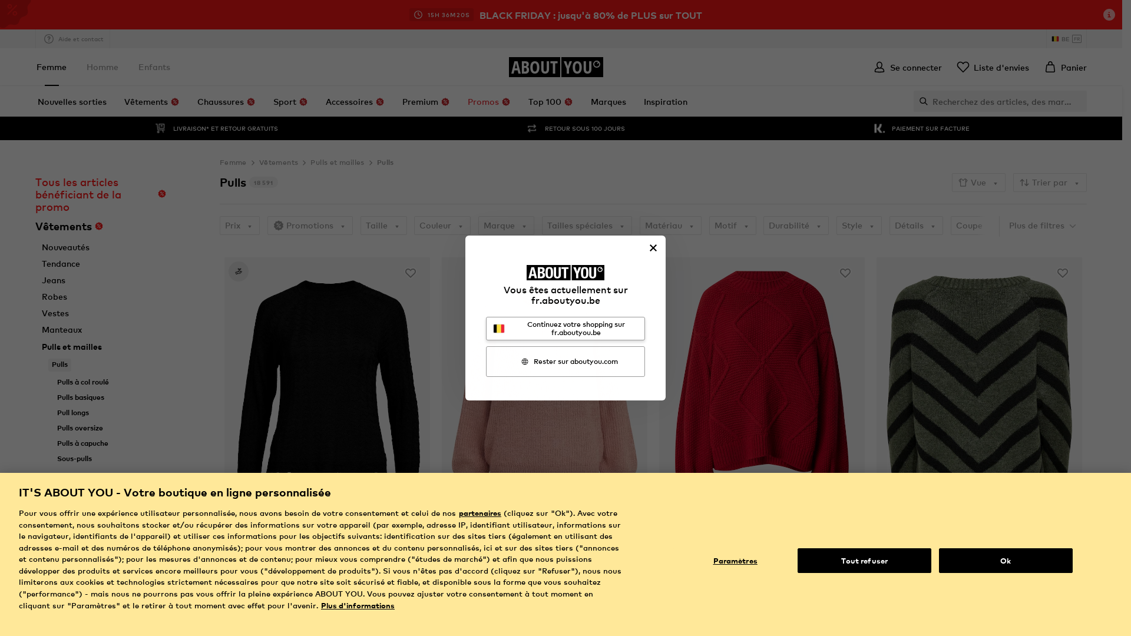 Image resolution: width=1131 pixels, height=636 pixels. I want to click on 'PAIEMENT SUR FACTURE', so click(920, 128).